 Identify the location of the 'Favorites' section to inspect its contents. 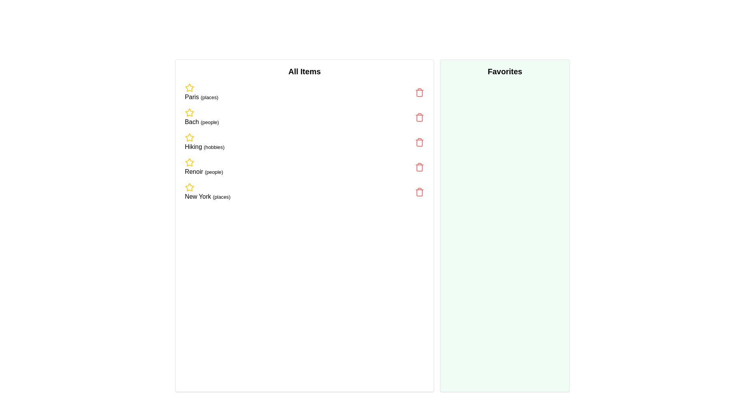
(505, 72).